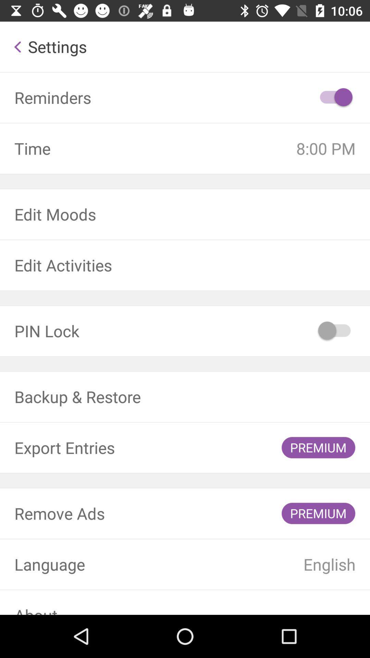  Describe the element at coordinates (335, 97) in the screenshot. I see `reminders` at that location.